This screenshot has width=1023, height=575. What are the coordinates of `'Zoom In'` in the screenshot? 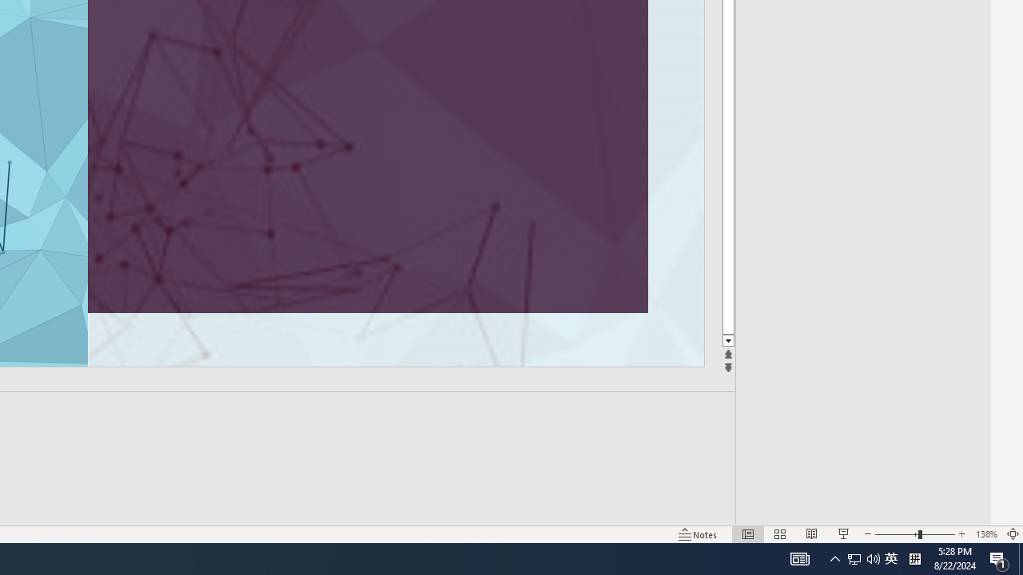 It's located at (961, 534).